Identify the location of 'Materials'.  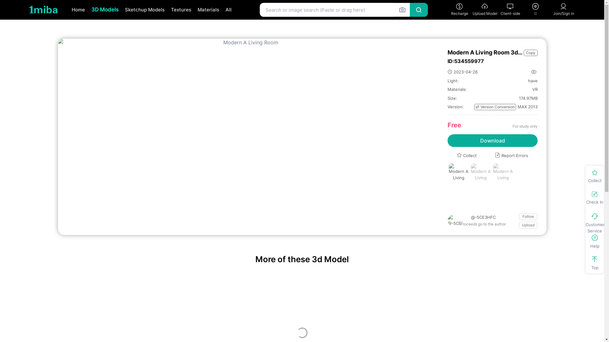
(193, 10).